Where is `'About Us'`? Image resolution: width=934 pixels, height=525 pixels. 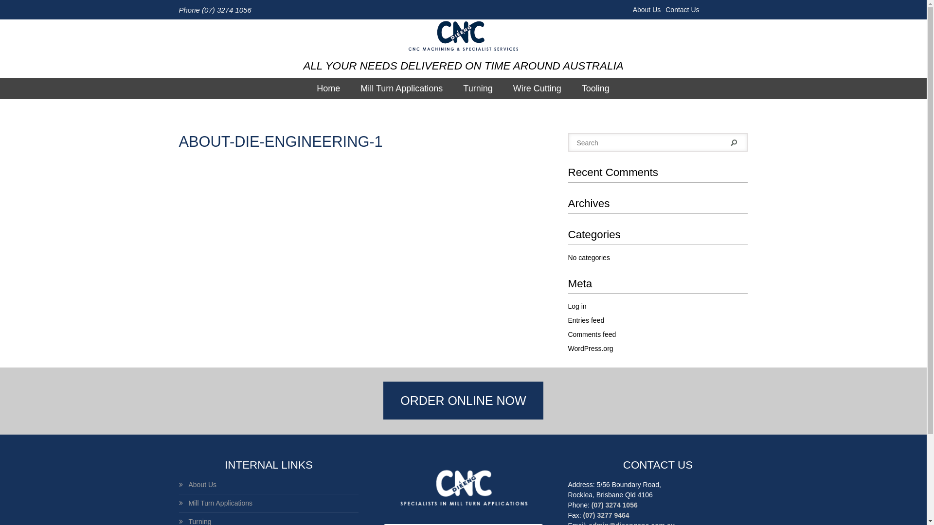
'About Us' is located at coordinates (649, 10).